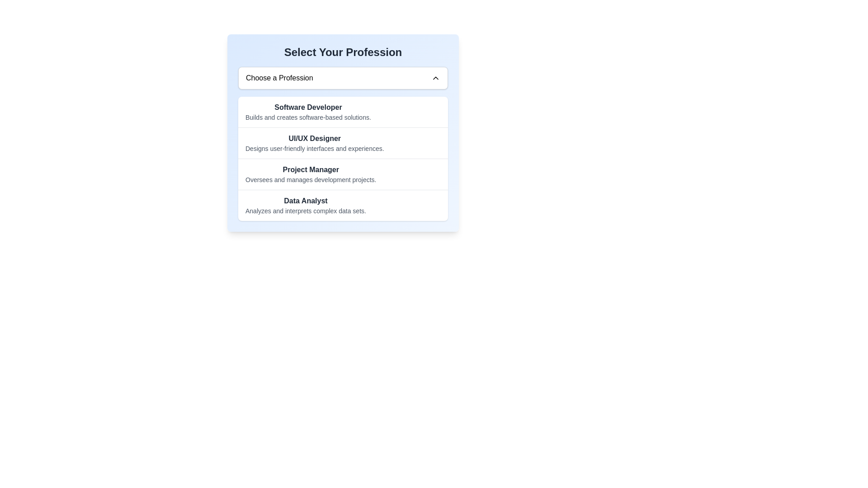 The image size is (868, 488). I want to click on the list item titled 'UI/UX Designer' which describes 'Designs user-friendly interfaces and experiences.', so click(342, 142).